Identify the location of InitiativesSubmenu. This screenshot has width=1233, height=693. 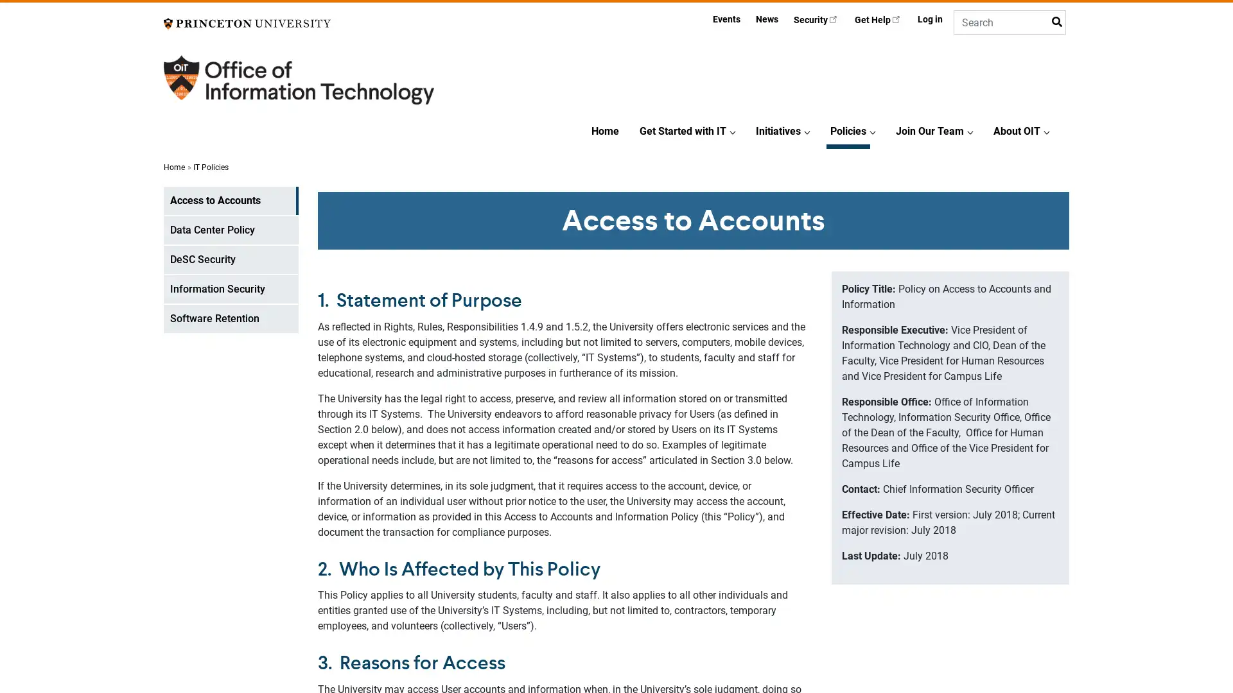
(807, 132).